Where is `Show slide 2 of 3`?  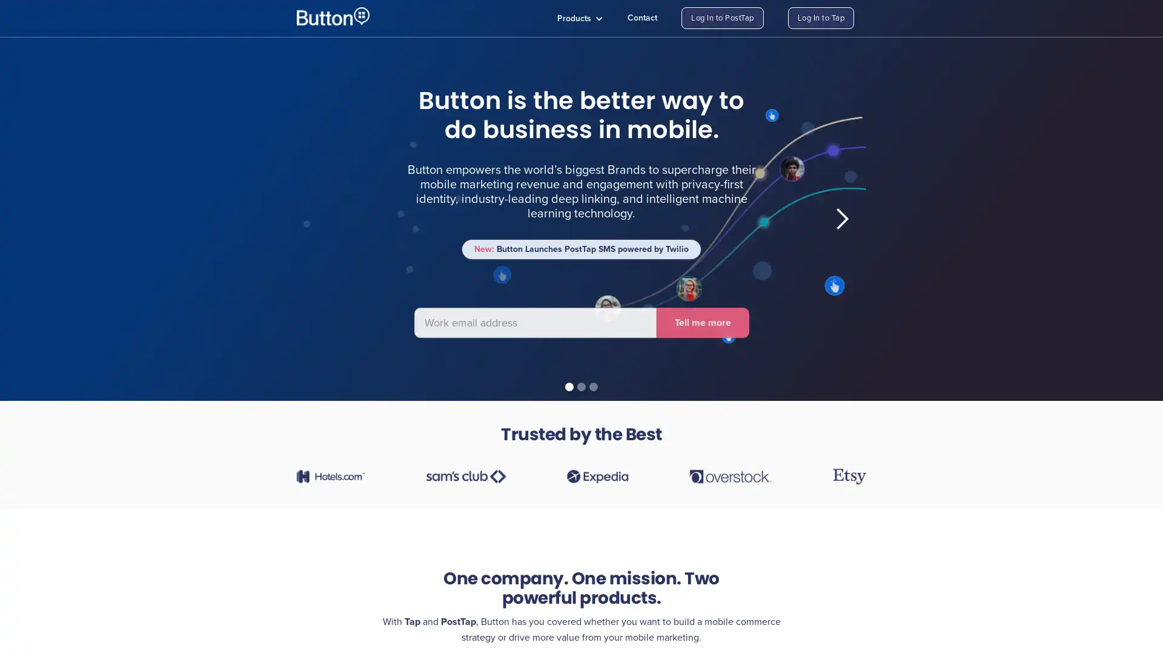
Show slide 2 of 3 is located at coordinates (581, 387).